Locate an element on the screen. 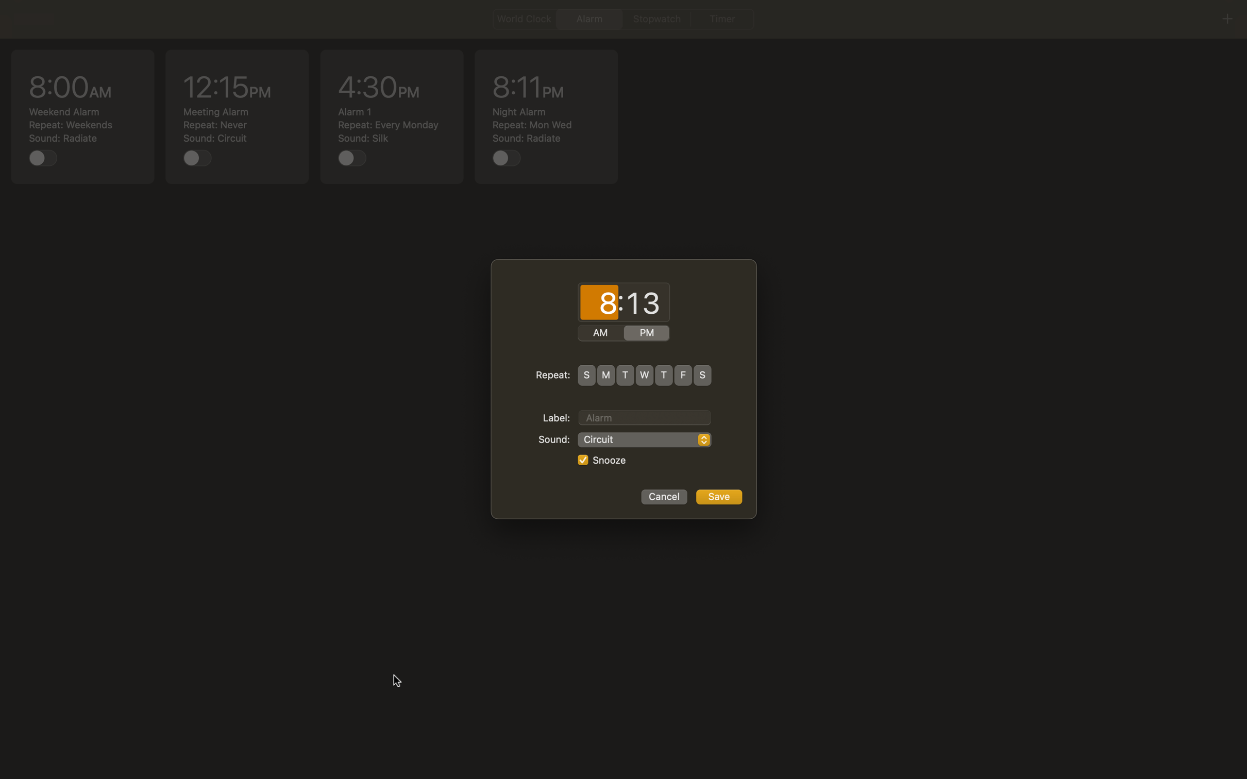 Image resolution: width=1247 pixels, height=779 pixels. Adjust the clock to 3:15 in the morning is located at coordinates (599, 303).